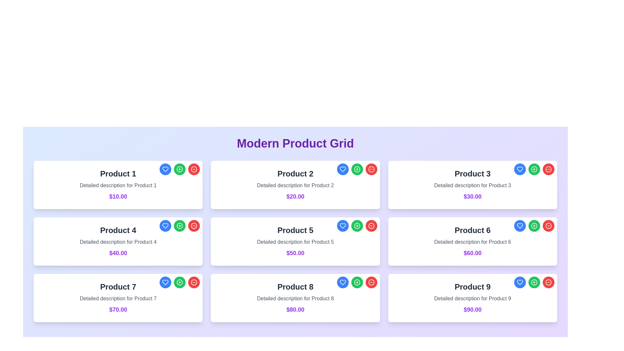 The image size is (624, 351). Describe the element at coordinates (357, 225) in the screenshot. I see `the leftmost circular icon with a green outline and fill color in the action icons group for 'Product 5' in the second row of the product grid` at that location.